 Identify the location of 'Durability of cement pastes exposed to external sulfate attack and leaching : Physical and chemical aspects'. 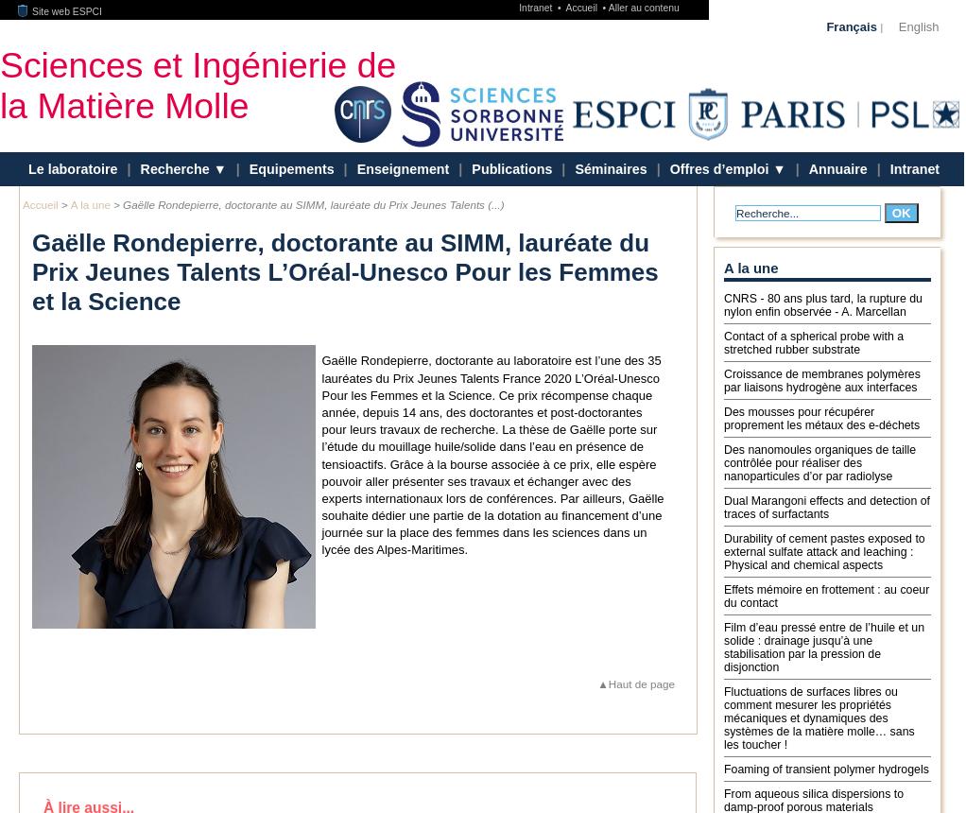
(722, 550).